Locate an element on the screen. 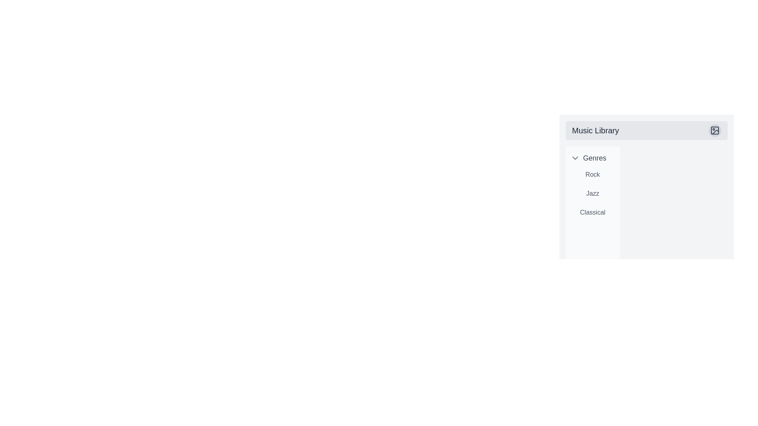 This screenshot has height=426, width=758. the 'Jazz' category text within the genre list located in the sidebar, which is the second item under the title 'Genres' is located at coordinates (593, 193).